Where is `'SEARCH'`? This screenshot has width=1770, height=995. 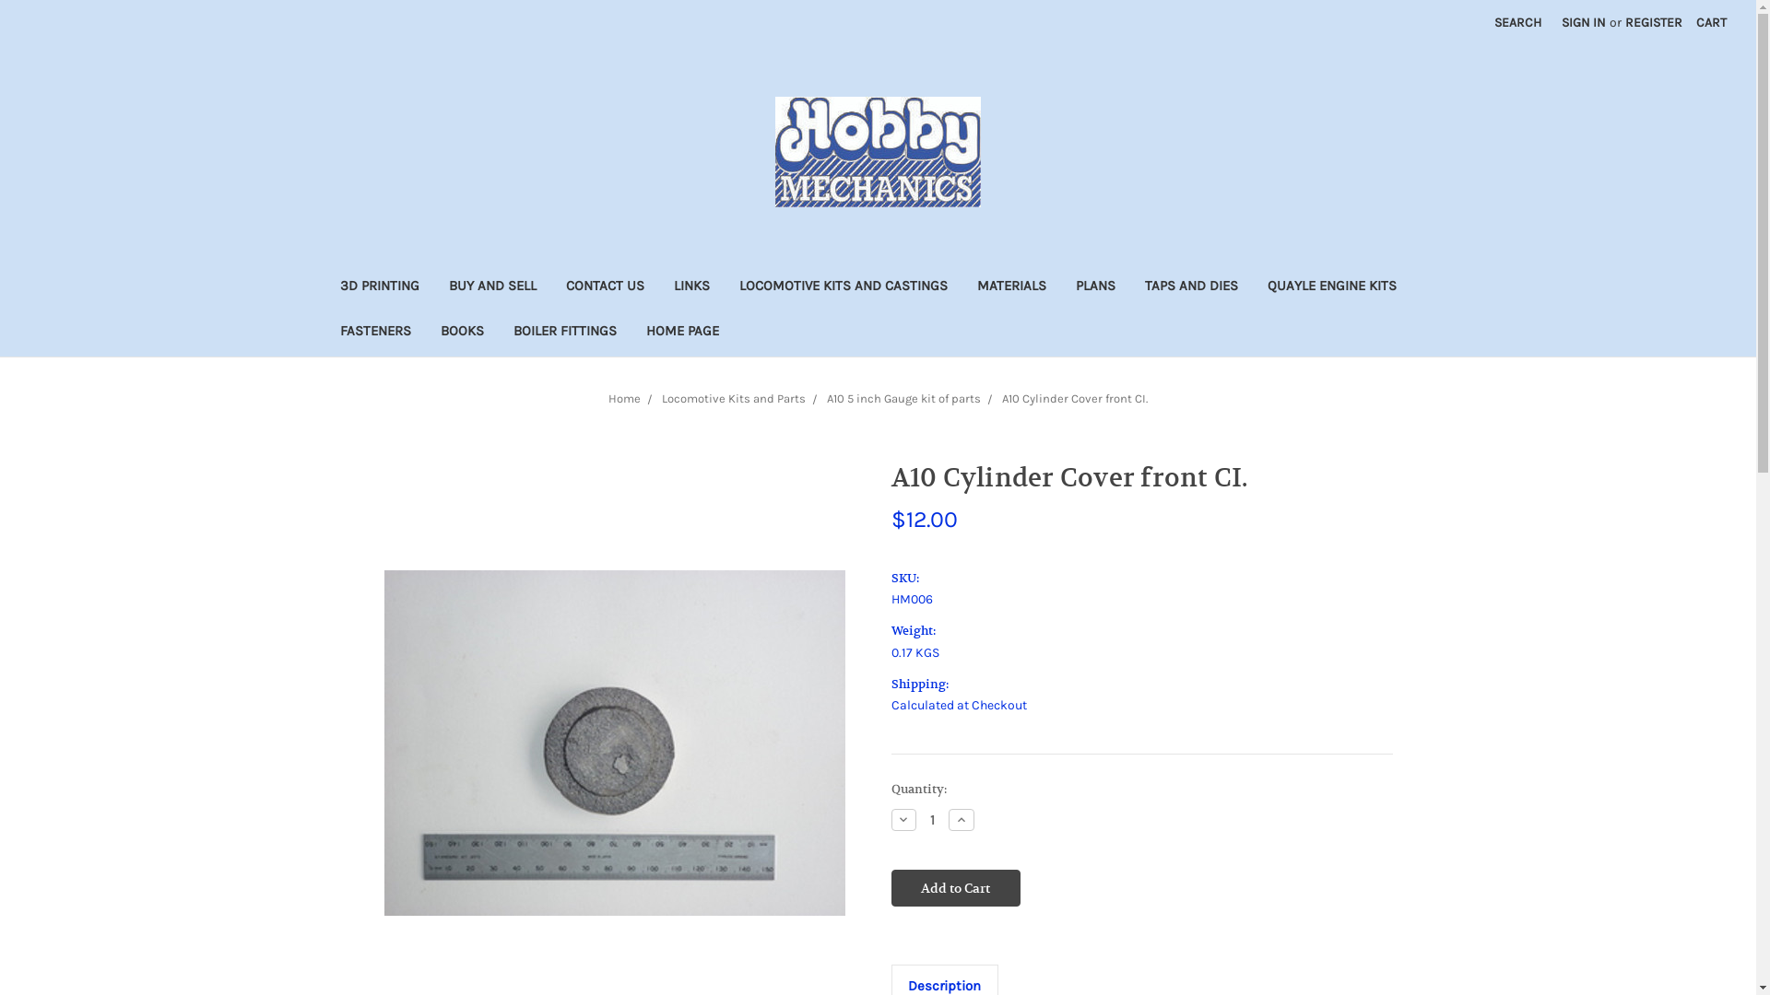
'SEARCH' is located at coordinates (1517, 22).